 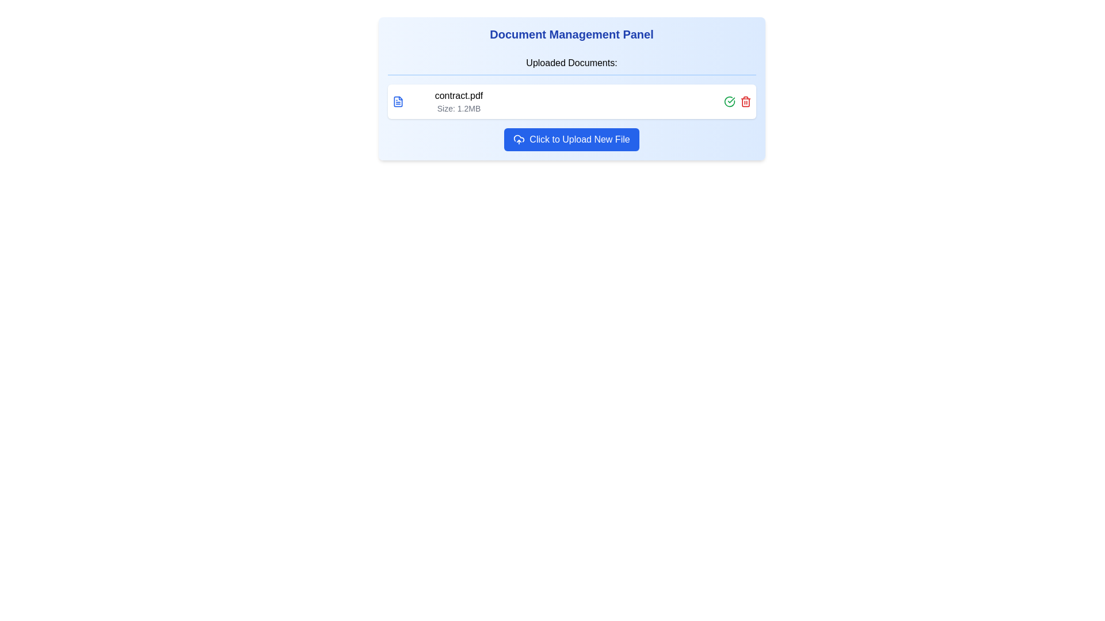 What do you see at coordinates (571, 139) in the screenshot?
I see `the button labeled 'Click to Upload New File' with a blue background and white text` at bounding box center [571, 139].